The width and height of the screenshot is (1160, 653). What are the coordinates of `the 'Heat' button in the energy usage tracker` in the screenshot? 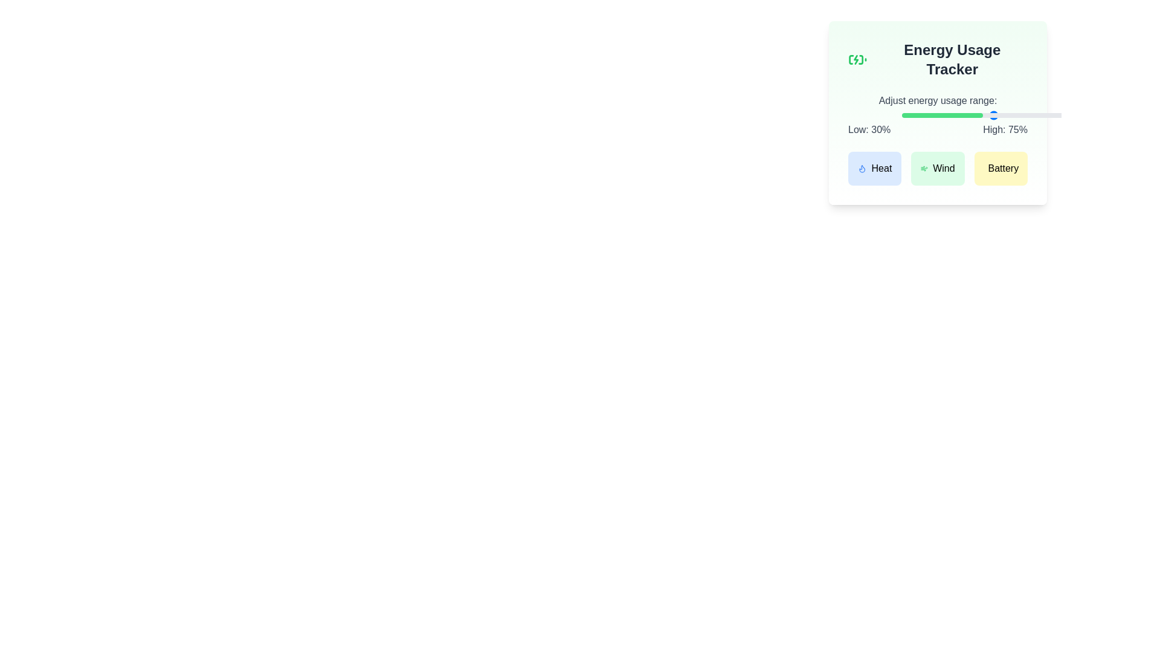 It's located at (875, 168).